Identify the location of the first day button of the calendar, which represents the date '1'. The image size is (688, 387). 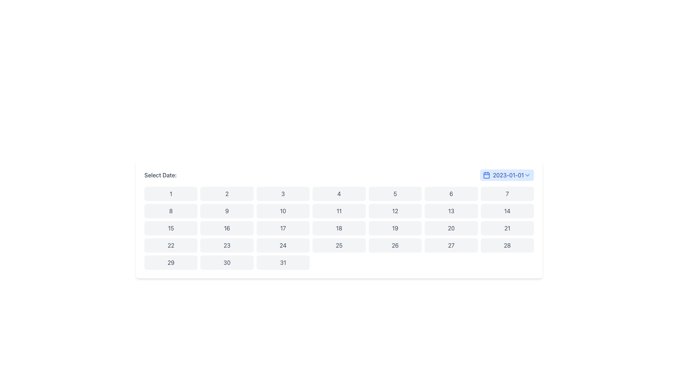
(171, 193).